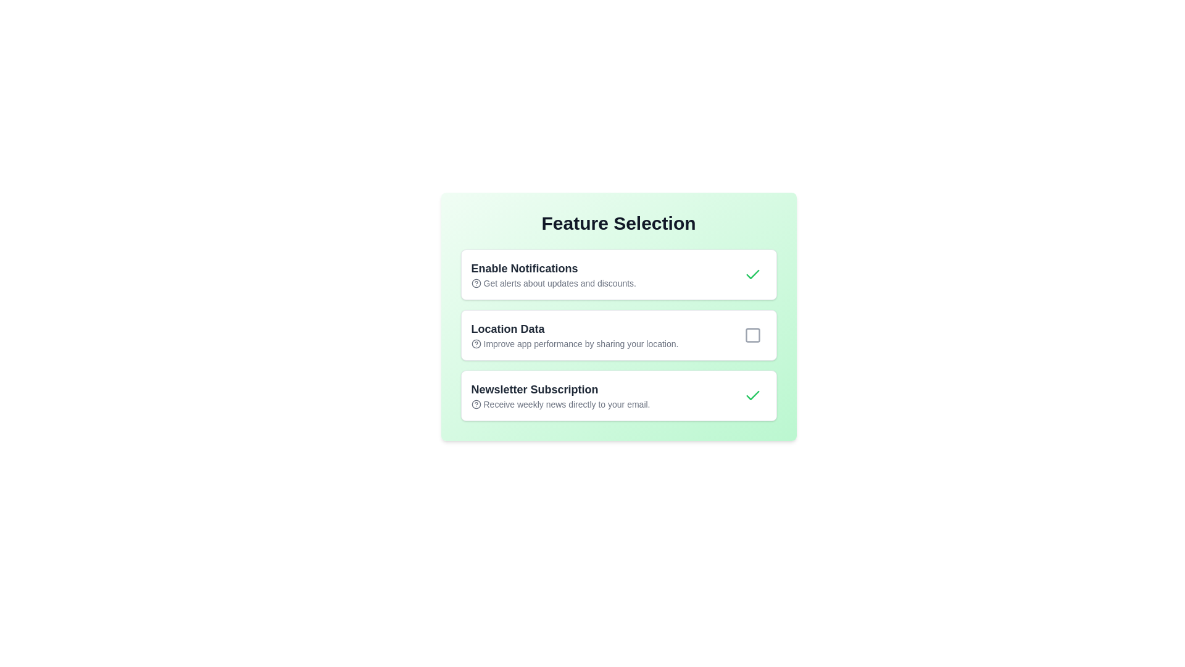 This screenshot has width=1185, height=667. What do you see at coordinates (618, 335) in the screenshot?
I see `the checkbox area of the location sharing UI card, which is the second card in a vertically stacked list of three cards` at bounding box center [618, 335].